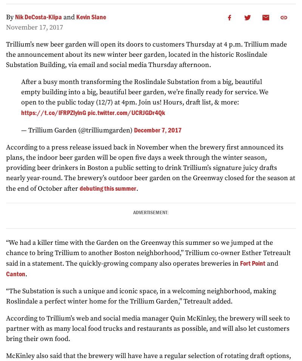 The image size is (302, 361). What do you see at coordinates (54, 112) in the screenshot?
I see `'https://t.co/lFRPZIylnG'` at bounding box center [54, 112].